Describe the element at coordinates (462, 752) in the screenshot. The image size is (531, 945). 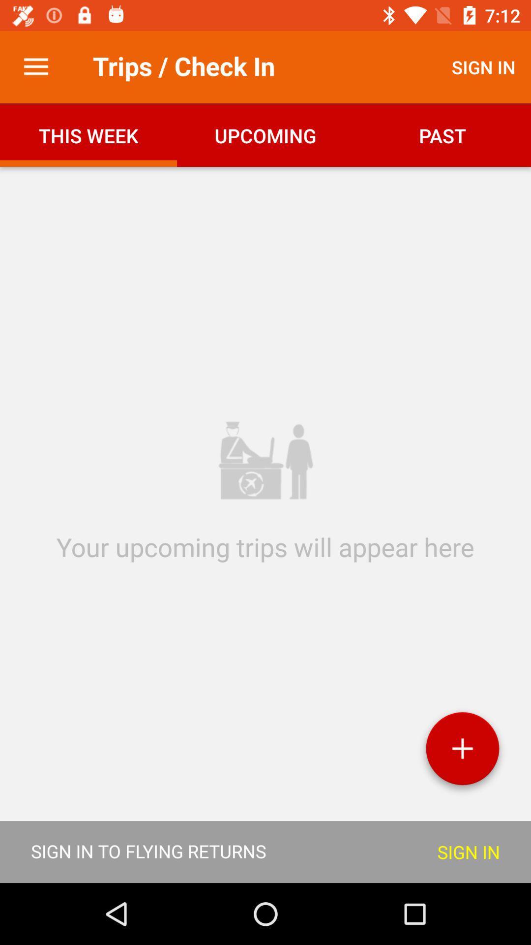
I see `a trip` at that location.